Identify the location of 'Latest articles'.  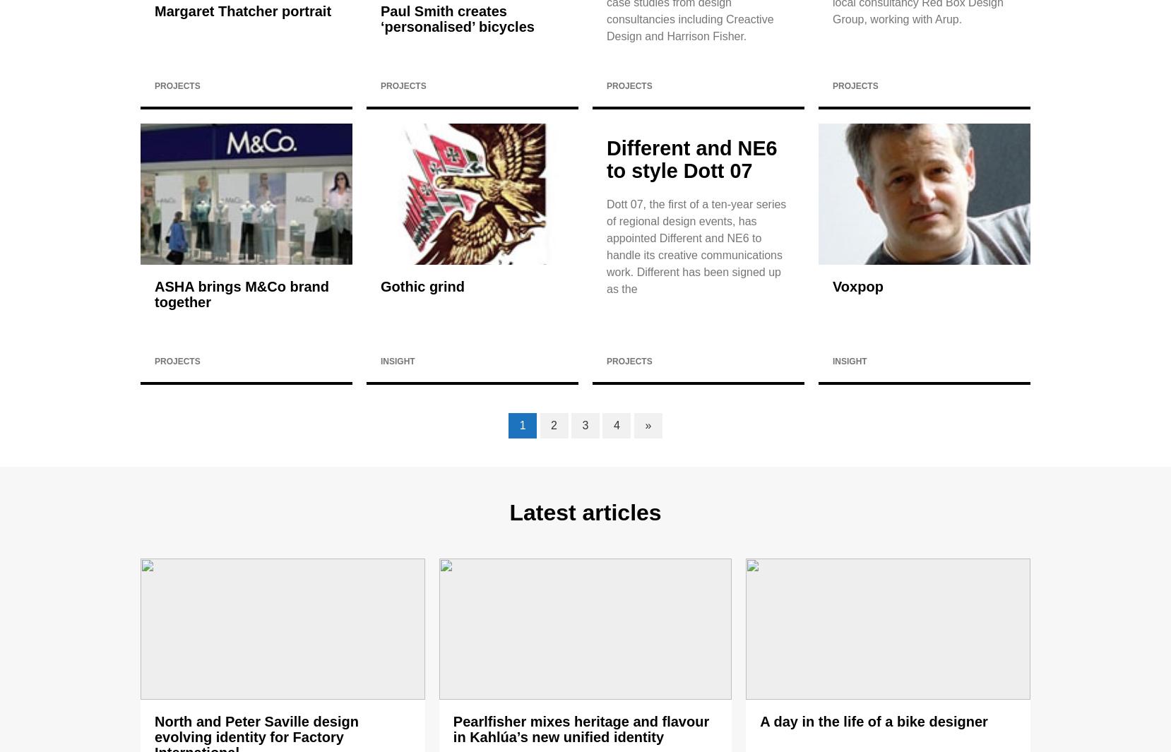
(585, 513).